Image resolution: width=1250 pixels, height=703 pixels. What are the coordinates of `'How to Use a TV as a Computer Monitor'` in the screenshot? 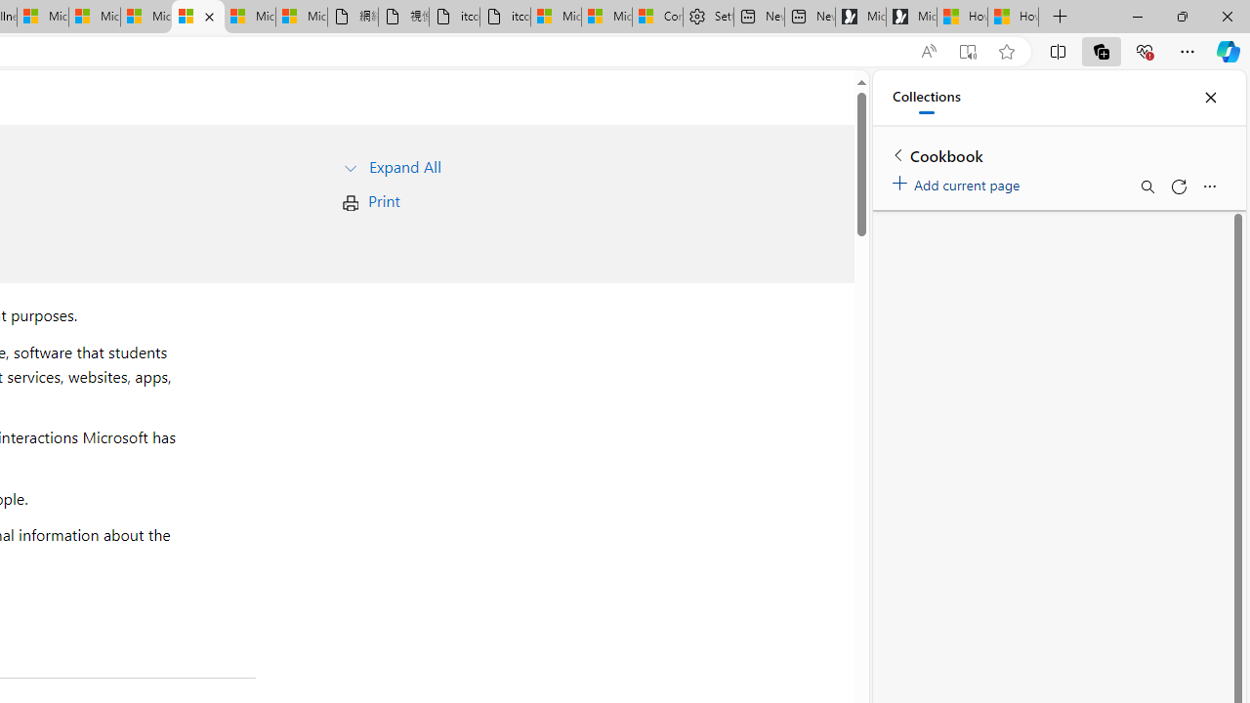 It's located at (1014, 17).